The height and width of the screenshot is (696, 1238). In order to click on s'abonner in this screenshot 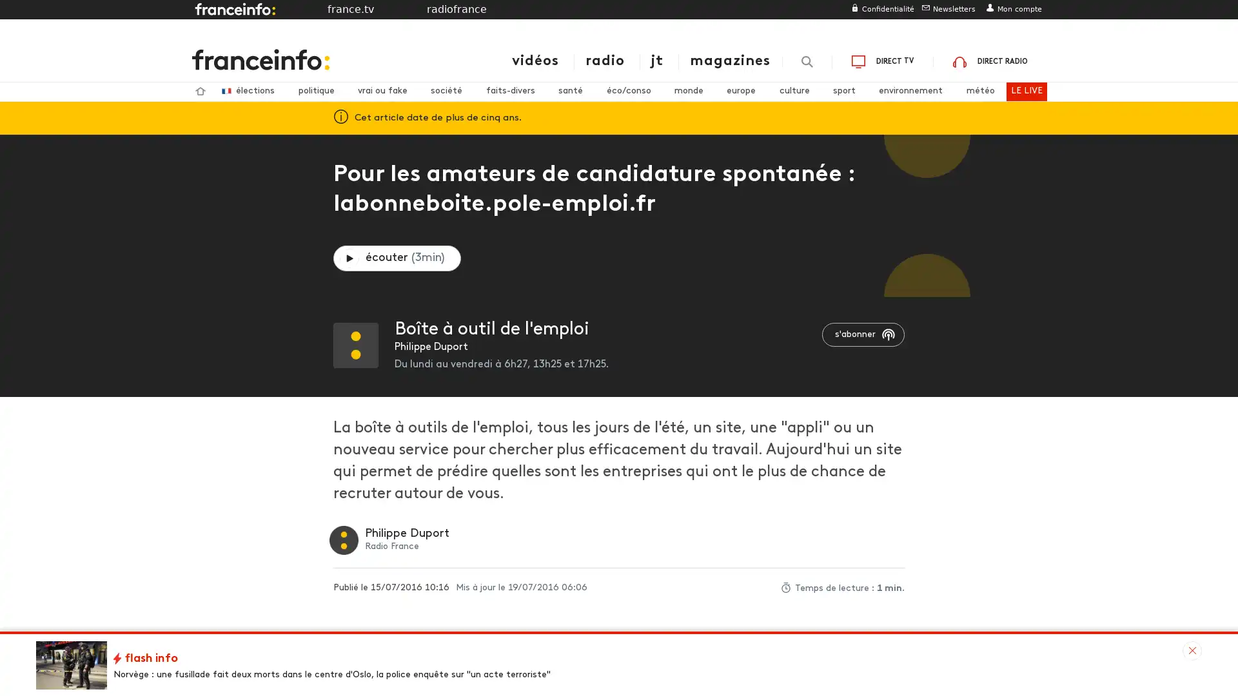, I will do `click(863, 334)`.